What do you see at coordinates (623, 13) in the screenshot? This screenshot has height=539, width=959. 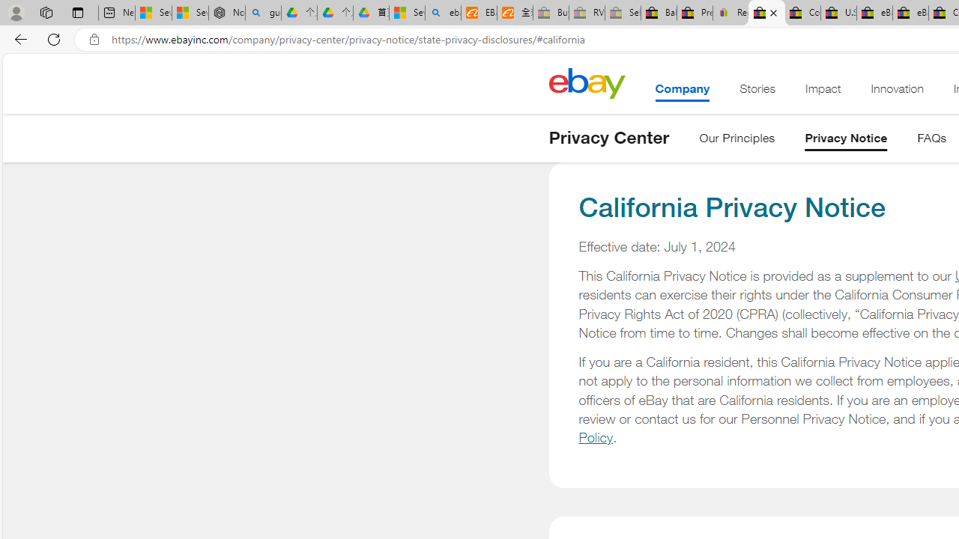 I see `'Sell worldwide with eBay - Sleeping'` at bounding box center [623, 13].